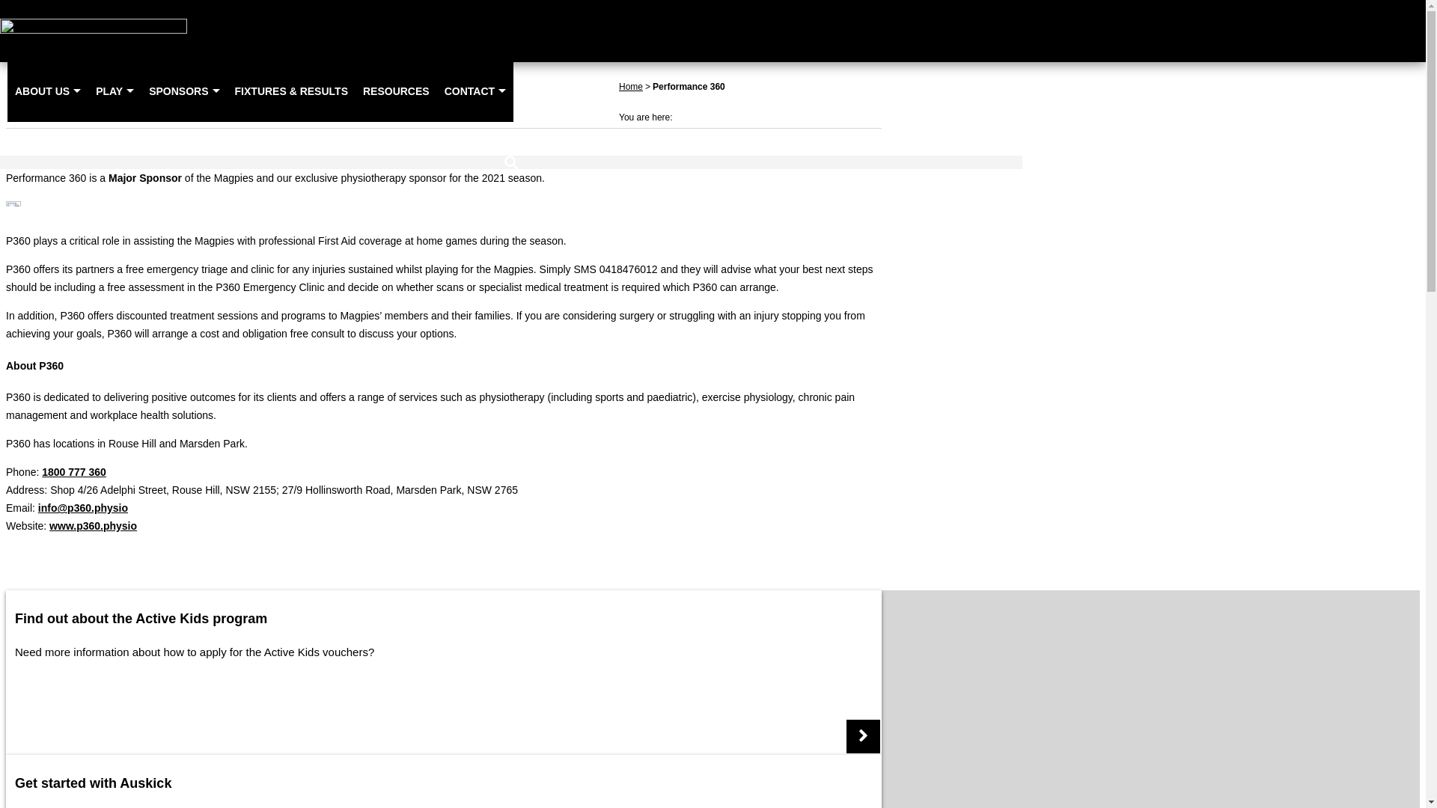 This screenshot has width=1437, height=808. Describe the element at coordinates (436, 91) in the screenshot. I see `'CONTACT'` at that location.